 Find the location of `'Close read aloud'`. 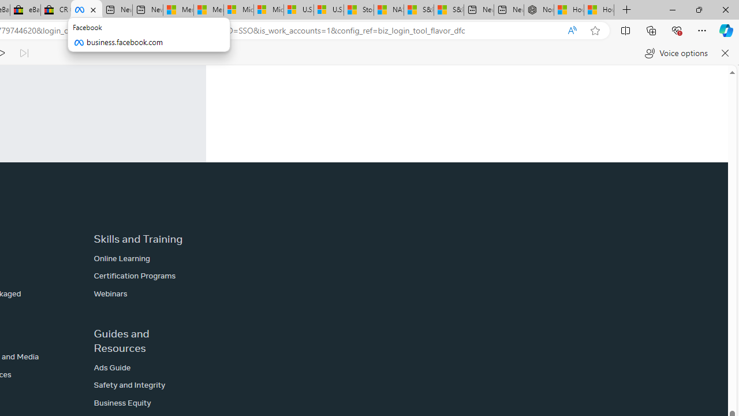

'Close read aloud' is located at coordinates (724, 53).